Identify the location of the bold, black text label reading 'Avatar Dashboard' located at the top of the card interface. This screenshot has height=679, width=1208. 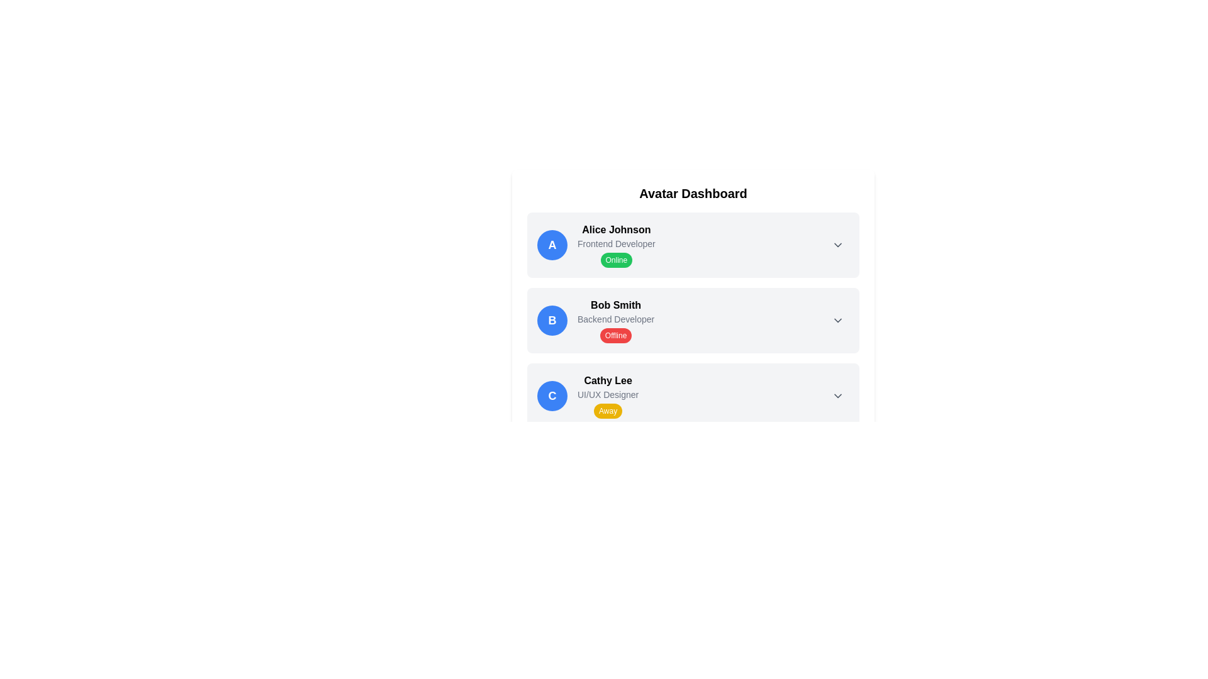
(693, 194).